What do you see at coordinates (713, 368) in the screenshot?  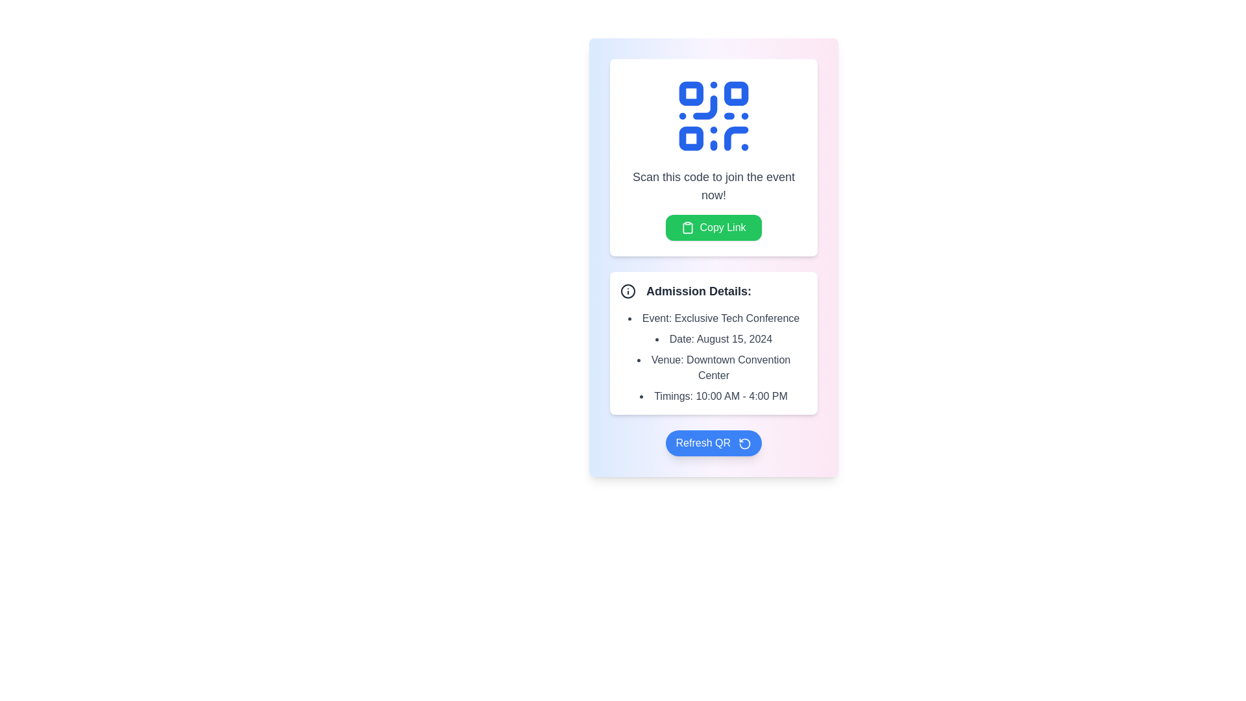 I see `the text element that informs the user of the venue location for the event, positioned below 'Event: Exclusive Tech Conference' and above 'Timings: 10:00 AM - 4:00 PM'` at bounding box center [713, 368].